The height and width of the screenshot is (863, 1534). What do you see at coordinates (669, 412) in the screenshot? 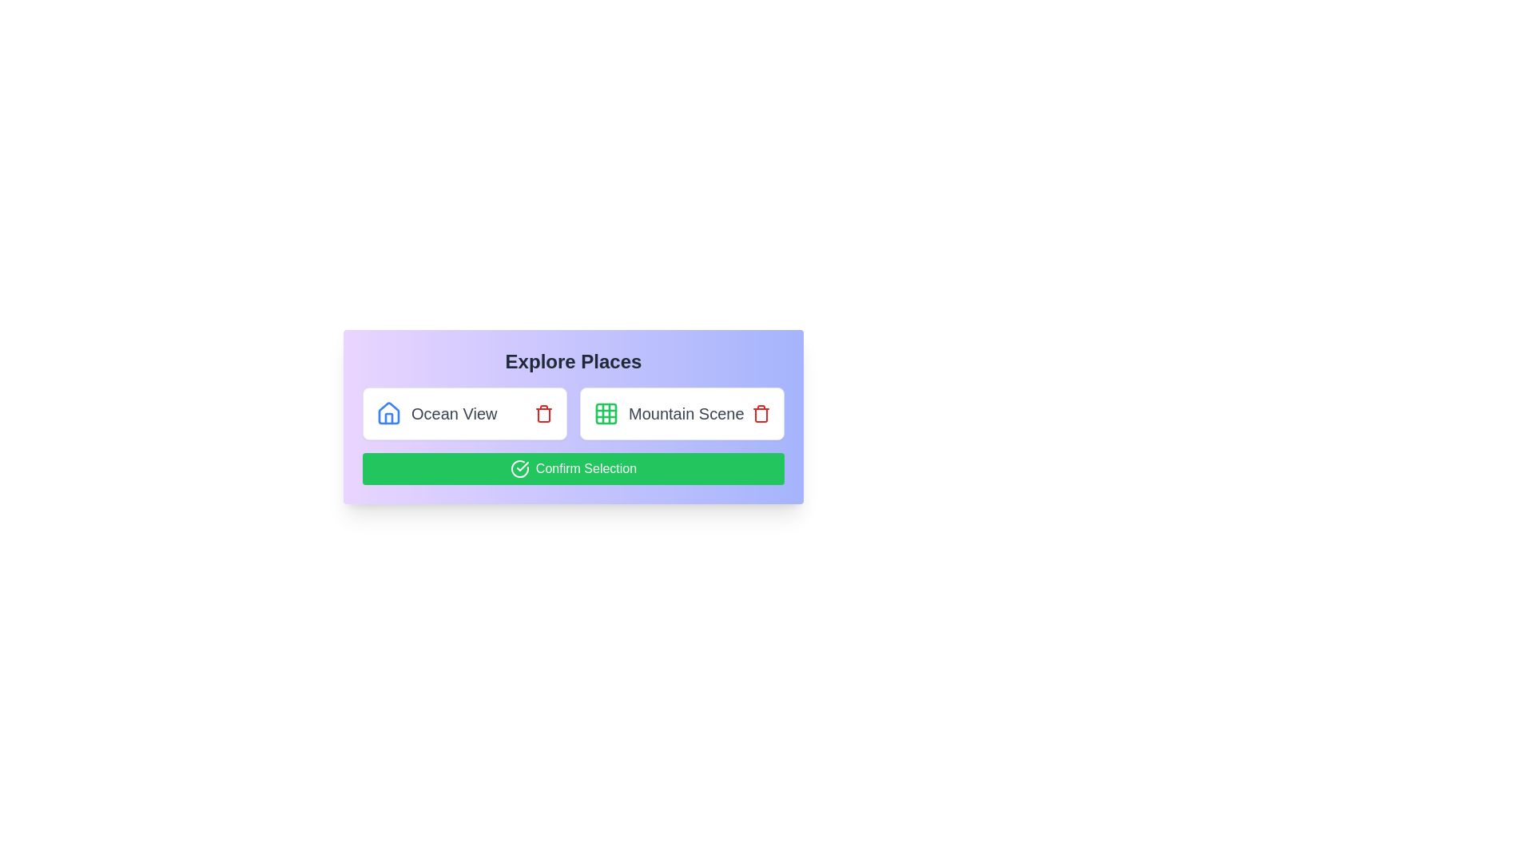
I see `the 'Mountain Scene' label with the grid layout icon` at bounding box center [669, 412].